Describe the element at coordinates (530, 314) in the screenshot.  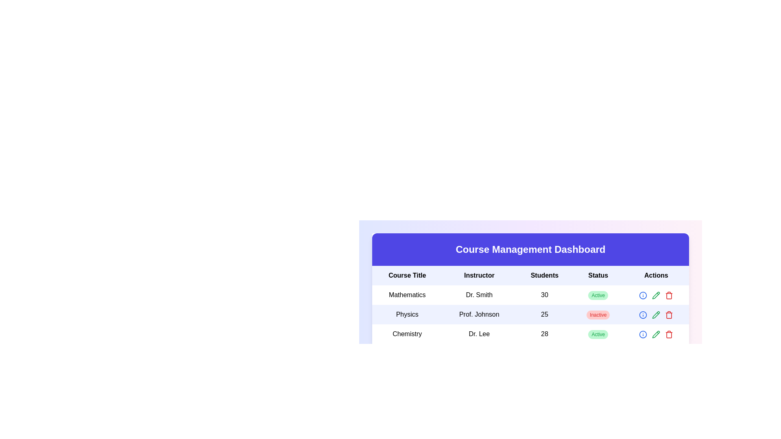
I see `second row of the course table, which contains details such as course title, instructor's name, student count, and current status, by clicking on it` at that location.